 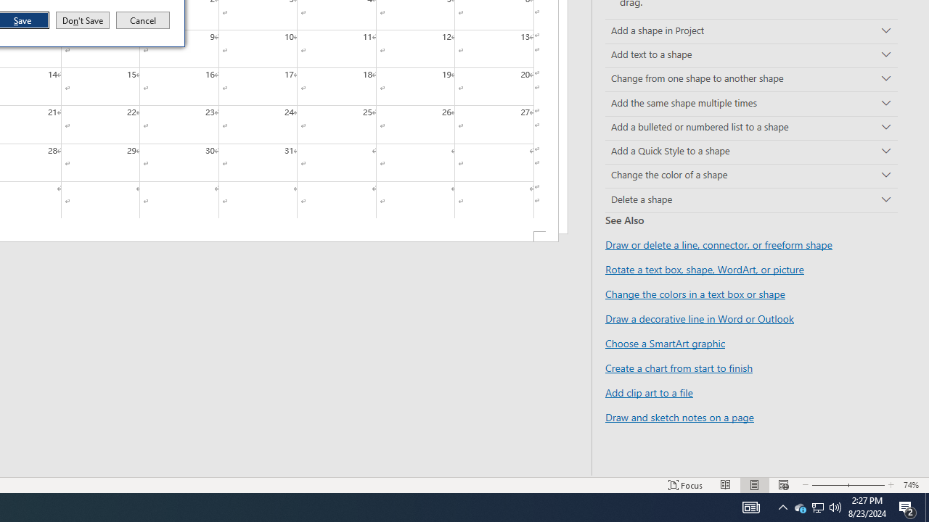 I want to click on 'Web Layout', so click(x=782, y=485).